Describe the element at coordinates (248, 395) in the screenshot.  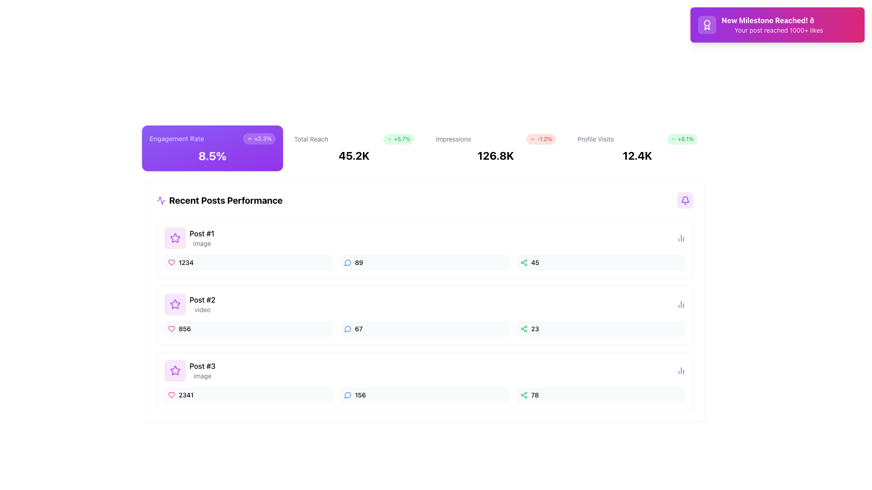
I see `the numeric value '2341' displayed next to the pink heart icon in the first item of the 'Recent Posts Performance' section` at that location.